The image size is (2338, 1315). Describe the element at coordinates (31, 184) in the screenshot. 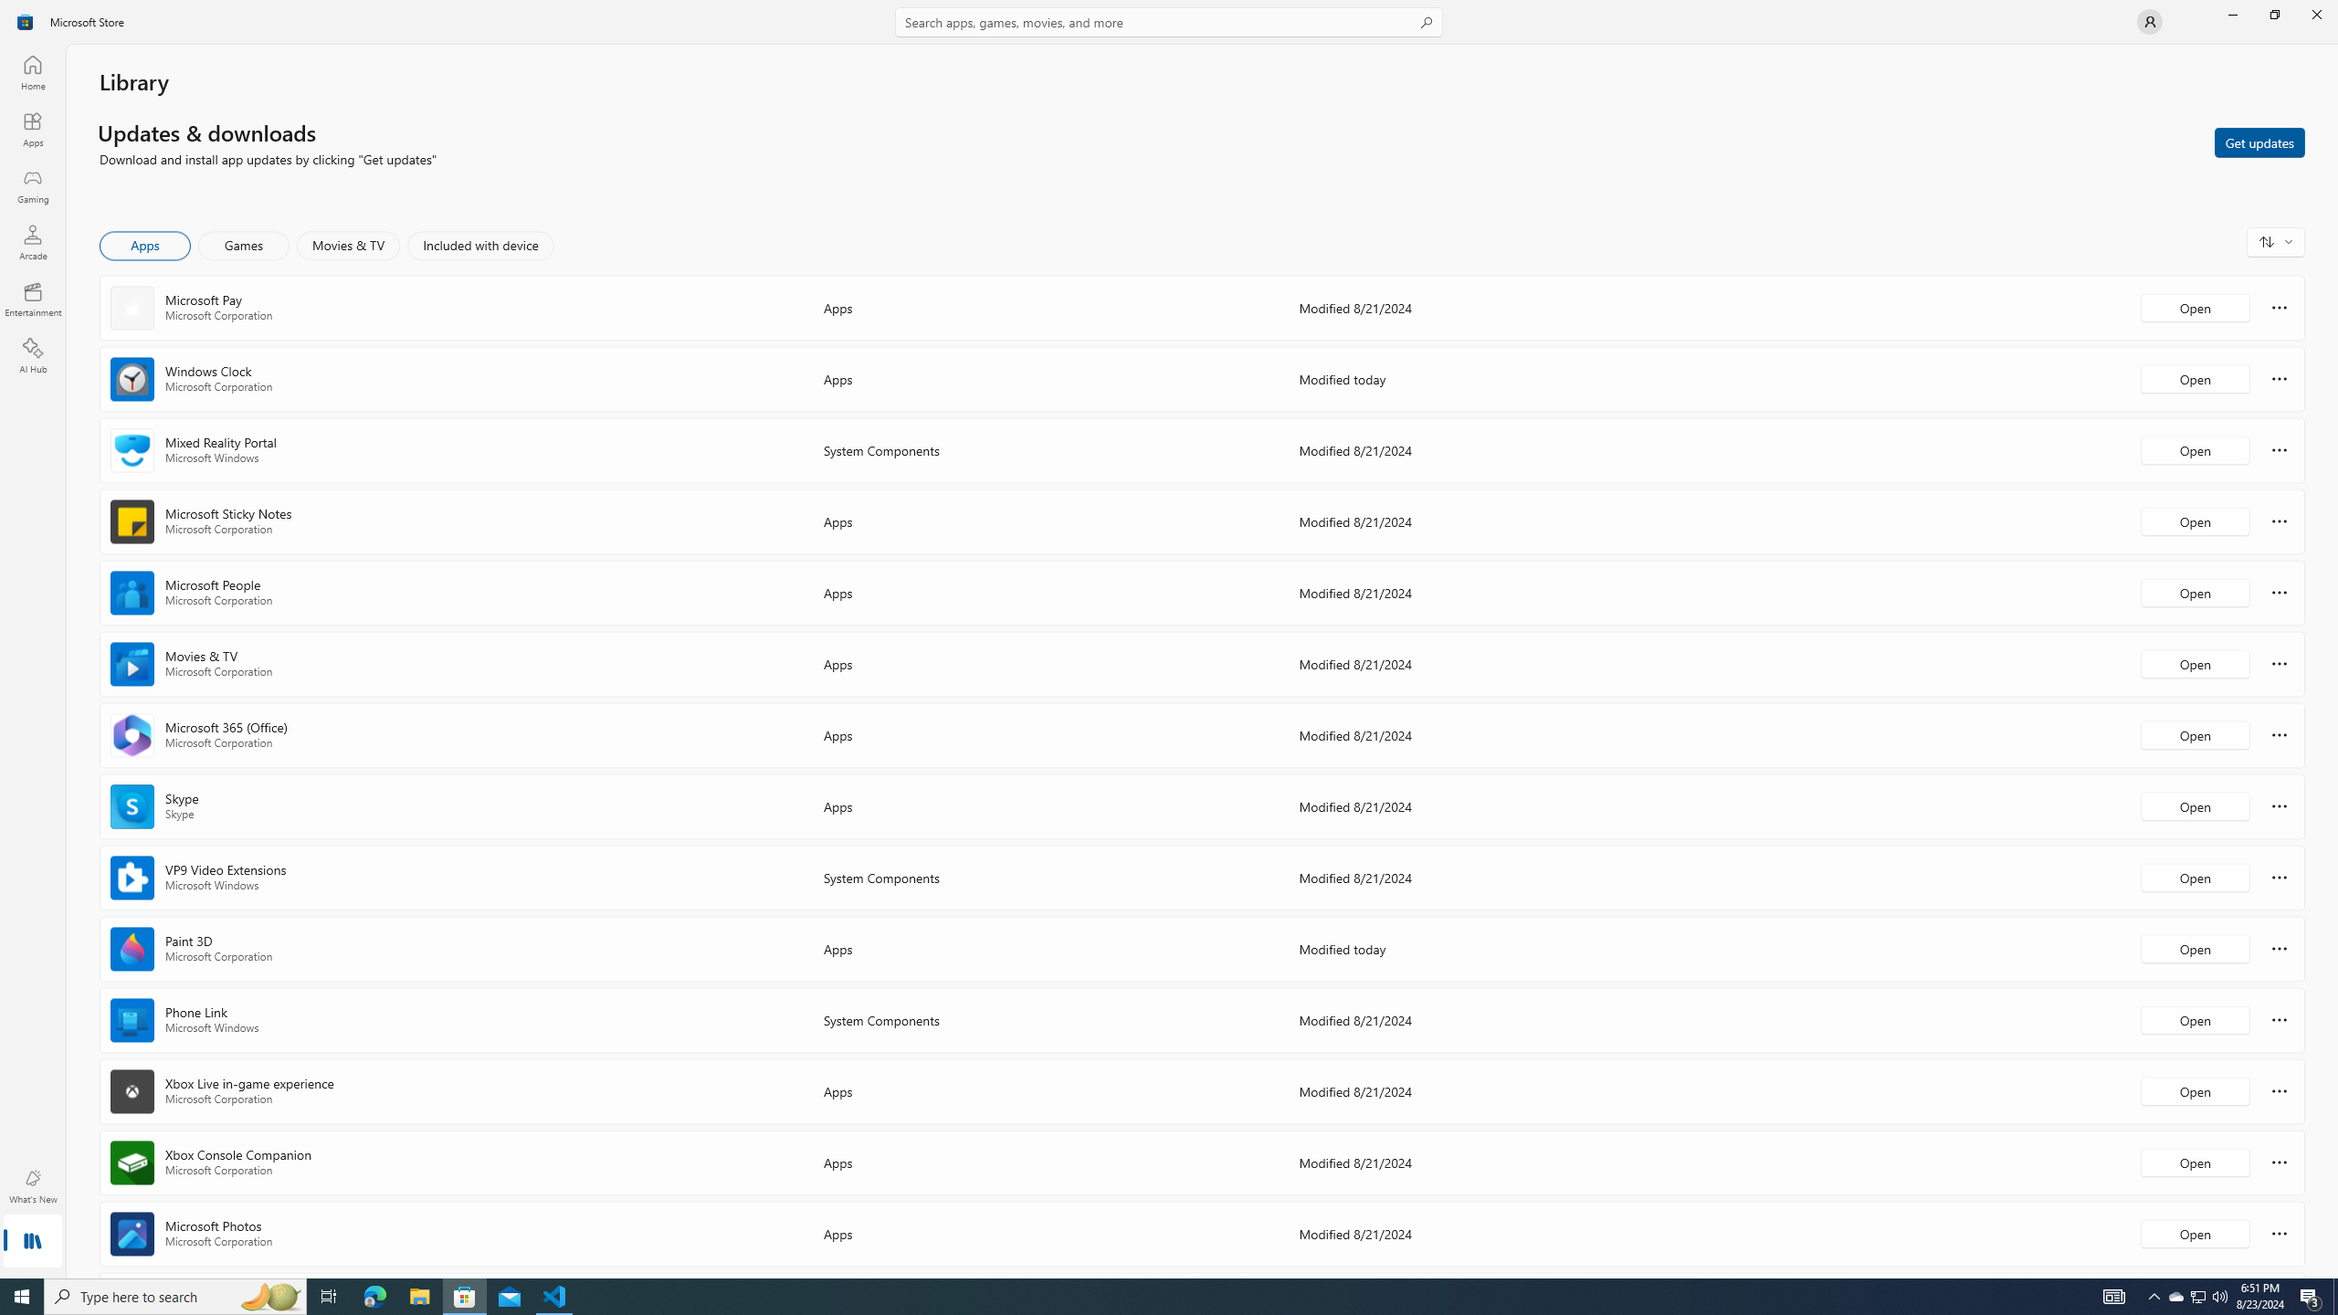

I see `'Gaming'` at that location.